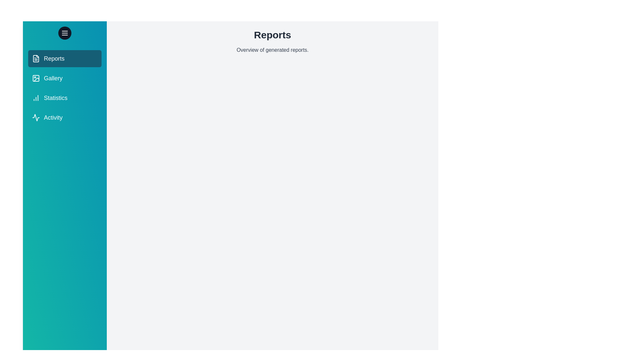 The image size is (629, 354). Describe the element at coordinates (65, 58) in the screenshot. I see `the tab labeled Reports from the drawer menu` at that location.